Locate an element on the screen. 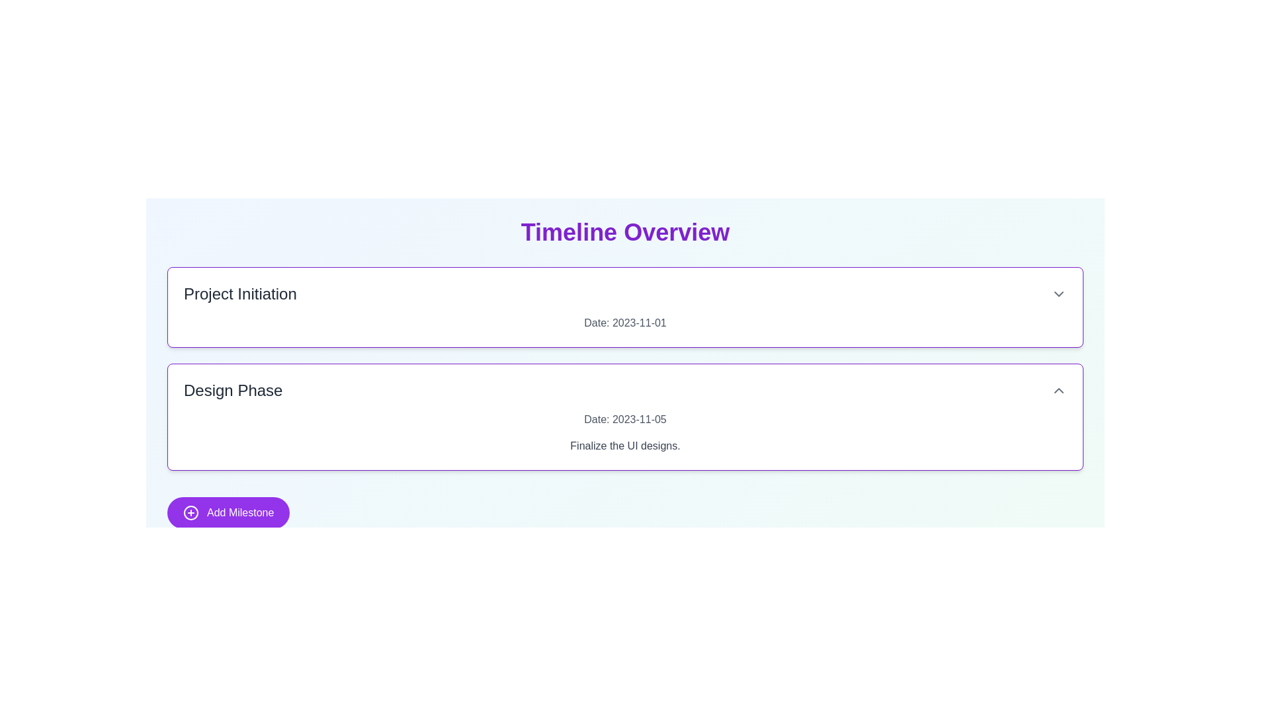  the label displaying the date value 'Date: 2023-11-01', which is located at the bottom-right of the 'Project Initiation' section is located at coordinates (624, 323).